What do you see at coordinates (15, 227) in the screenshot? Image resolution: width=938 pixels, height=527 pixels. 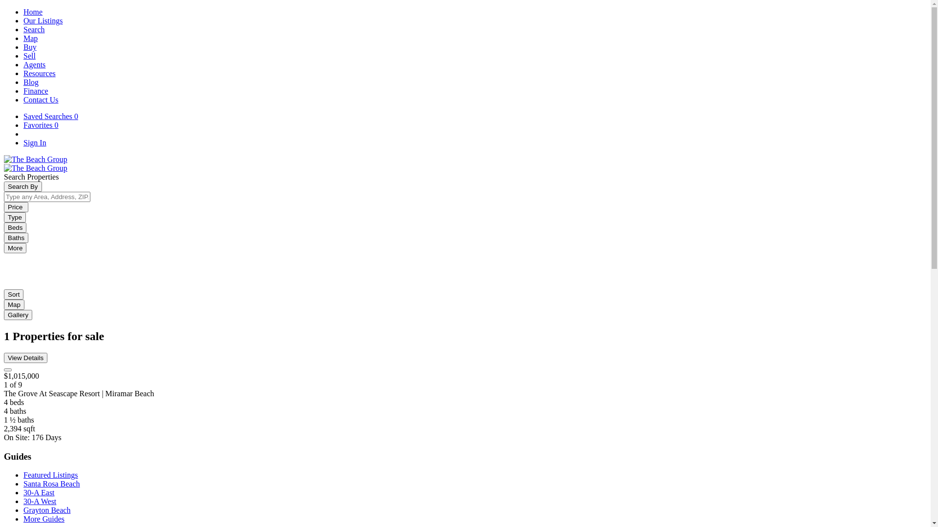 I see `'Beds'` at bounding box center [15, 227].